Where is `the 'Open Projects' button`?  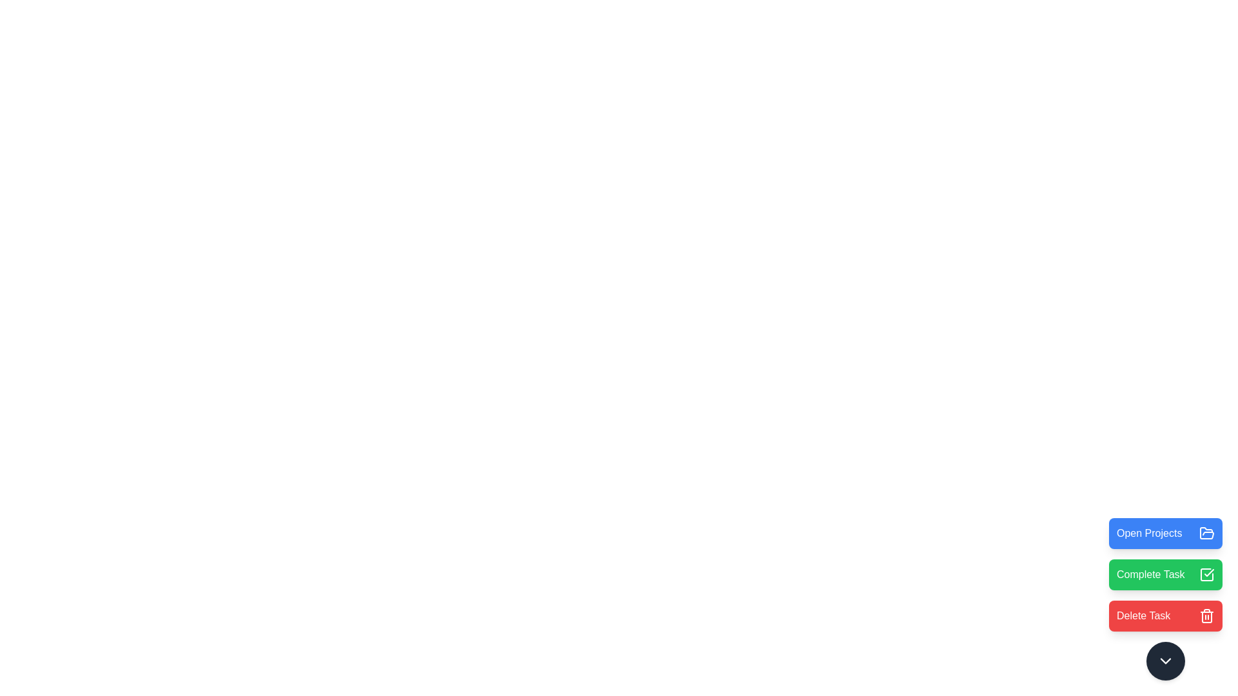 the 'Open Projects' button is located at coordinates (1166, 534).